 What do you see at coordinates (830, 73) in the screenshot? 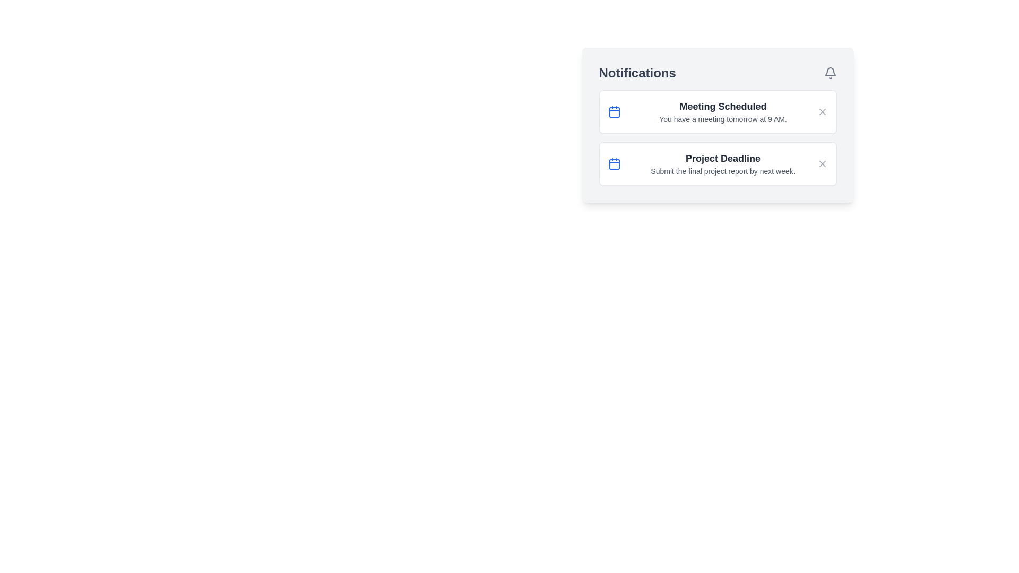
I see `the bell icon in the header` at bounding box center [830, 73].